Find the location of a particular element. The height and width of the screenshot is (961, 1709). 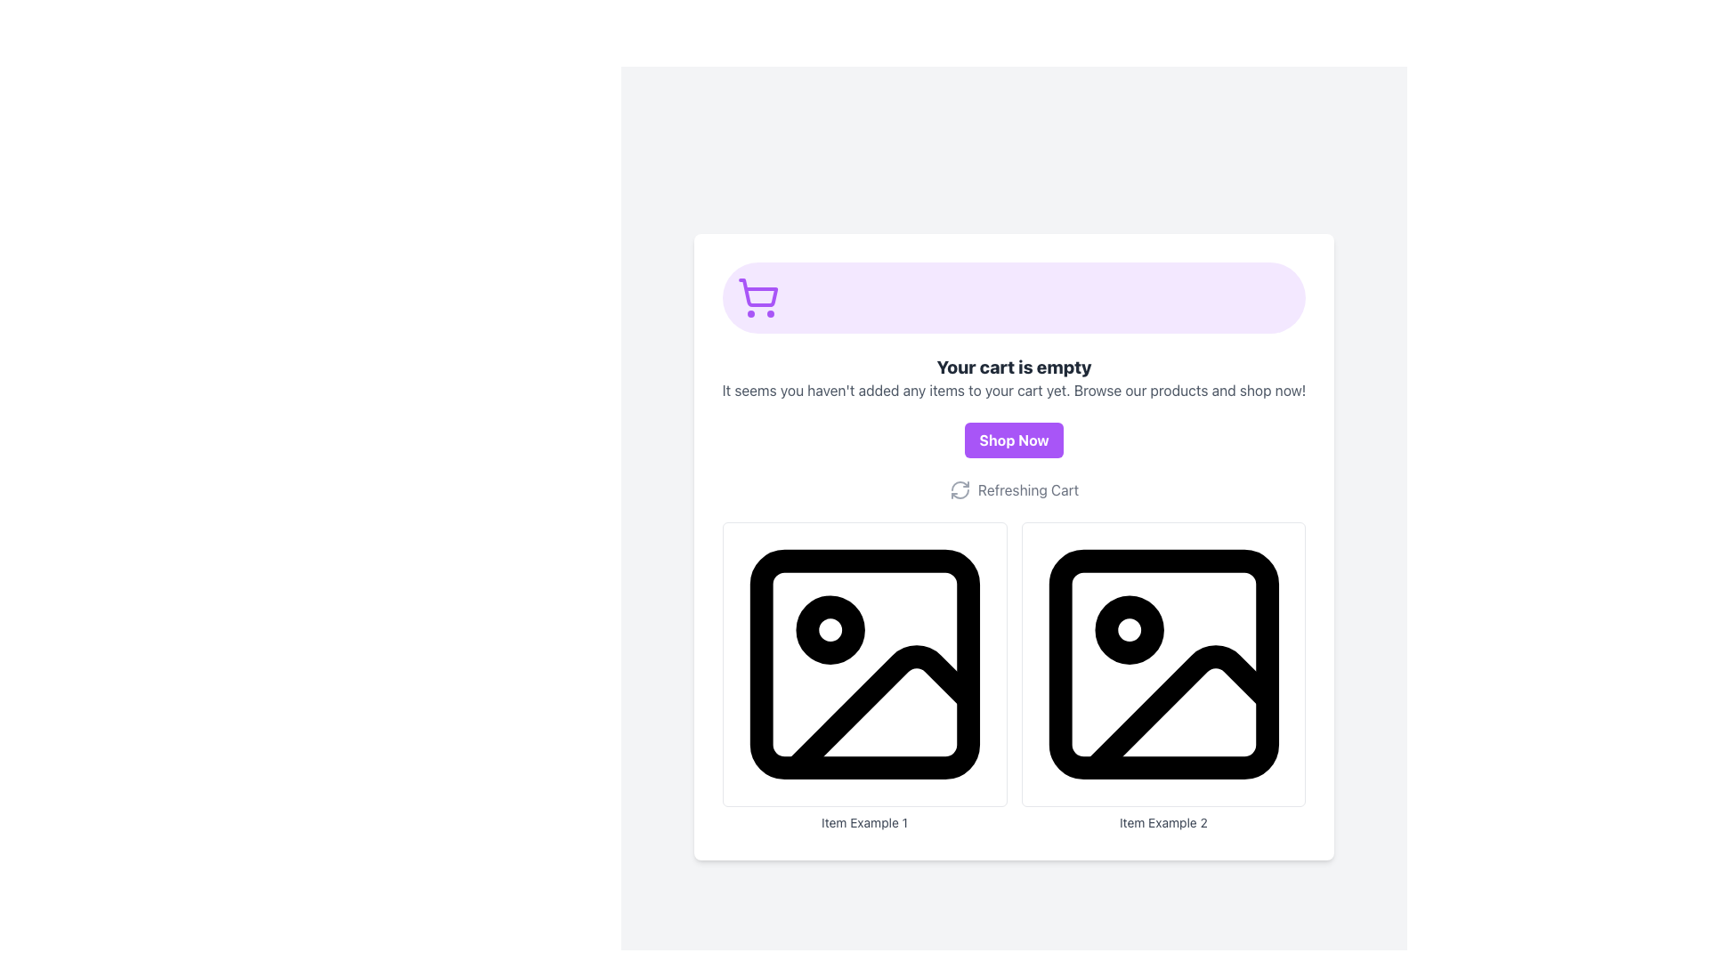

the button-like grid item labeled 'Item Example 2' is located at coordinates (1163, 676).